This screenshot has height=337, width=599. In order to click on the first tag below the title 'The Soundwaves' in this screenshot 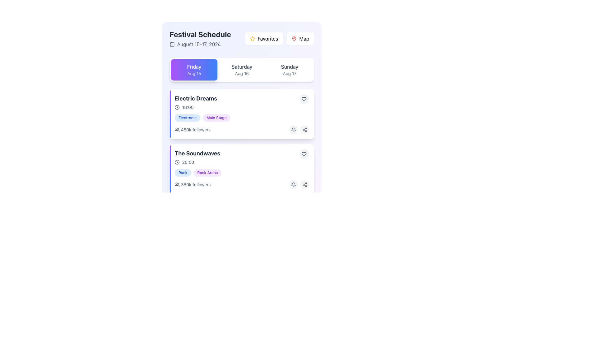, I will do `click(183, 173)`.